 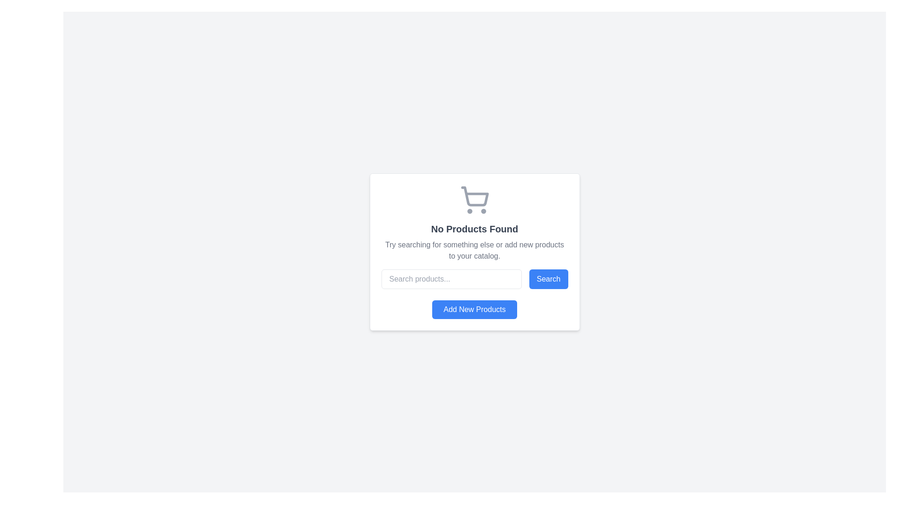 I want to click on the notification text label indicating that no products are currently available, which is located below the shopping cart icon and above the descriptive text element, so click(x=474, y=229).